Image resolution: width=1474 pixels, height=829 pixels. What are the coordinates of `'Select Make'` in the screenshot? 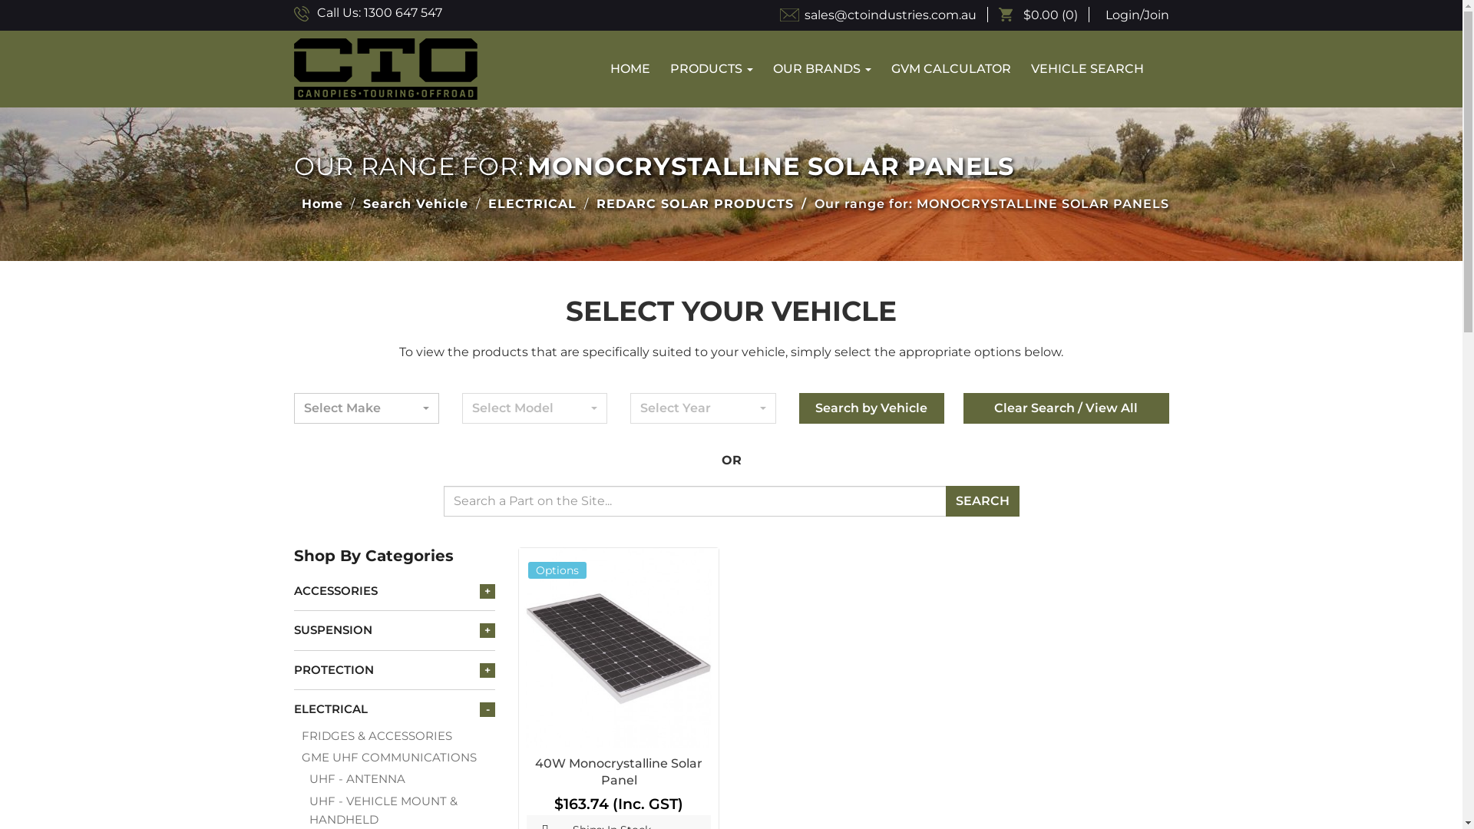 It's located at (365, 408).